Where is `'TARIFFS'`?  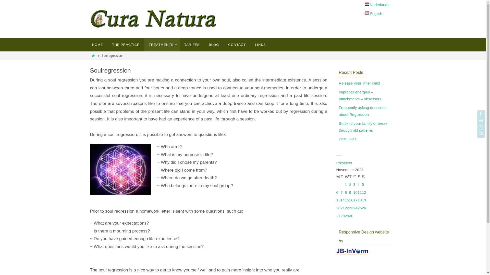
'TARIFFS' is located at coordinates (192, 45).